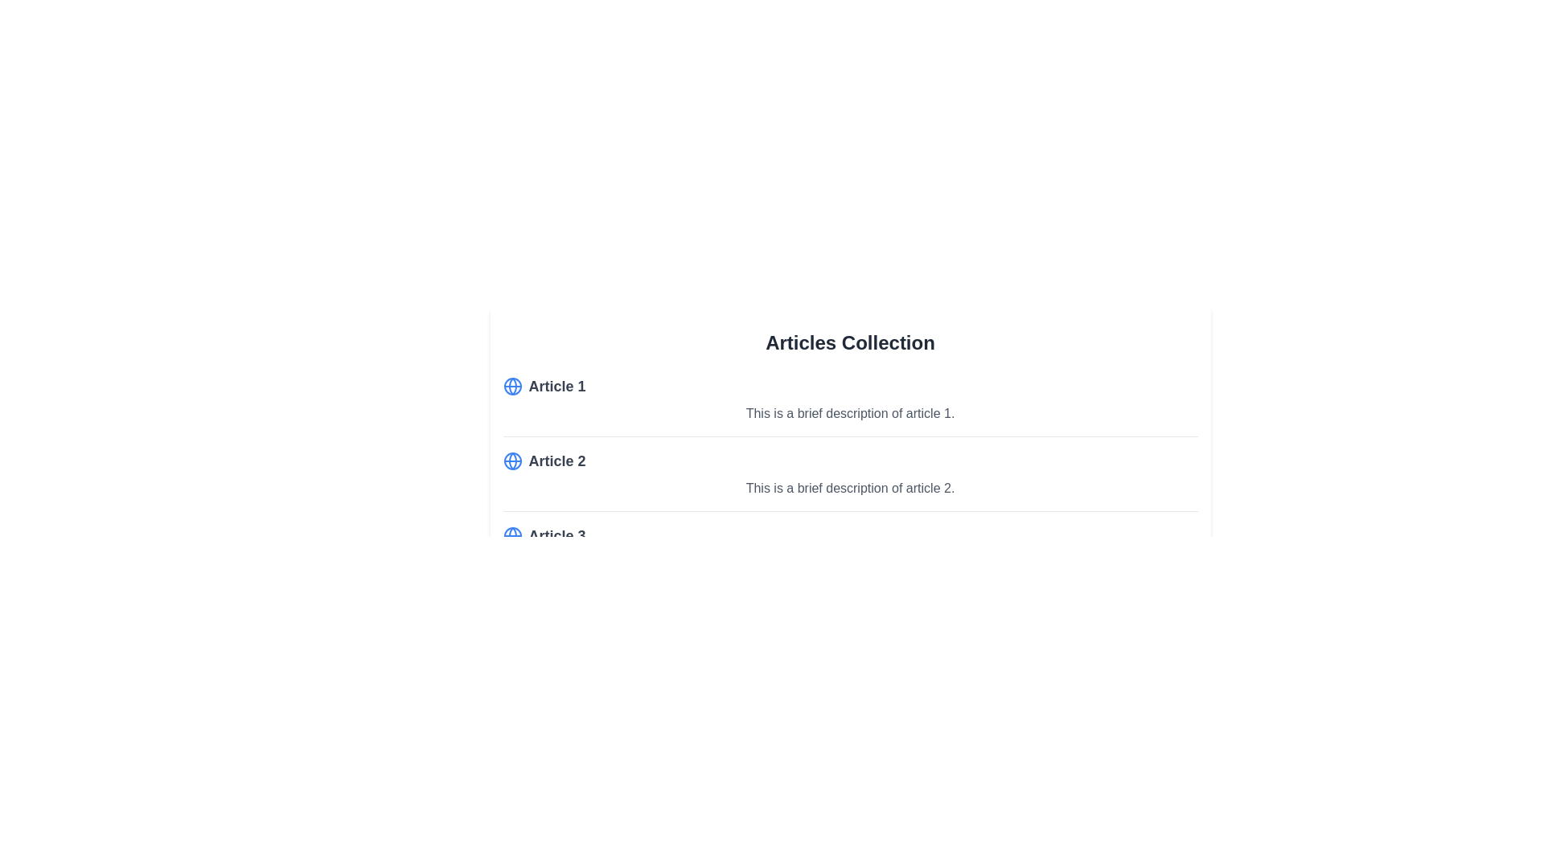 This screenshot has width=1544, height=868. Describe the element at coordinates (849, 480) in the screenshot. I see `the second list item representing an article, which provides an overview of the article's content, positioned centrally below 'Article 1' and above 'Article 3'` at that location.